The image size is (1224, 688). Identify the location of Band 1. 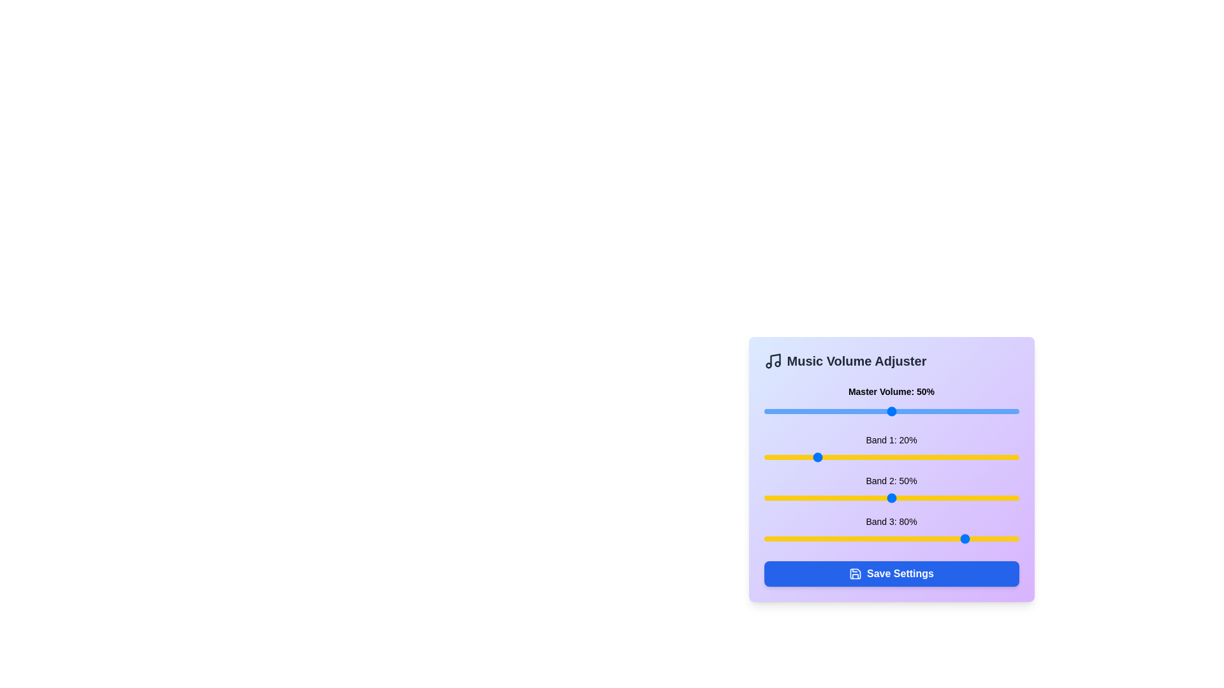
(838, 456).